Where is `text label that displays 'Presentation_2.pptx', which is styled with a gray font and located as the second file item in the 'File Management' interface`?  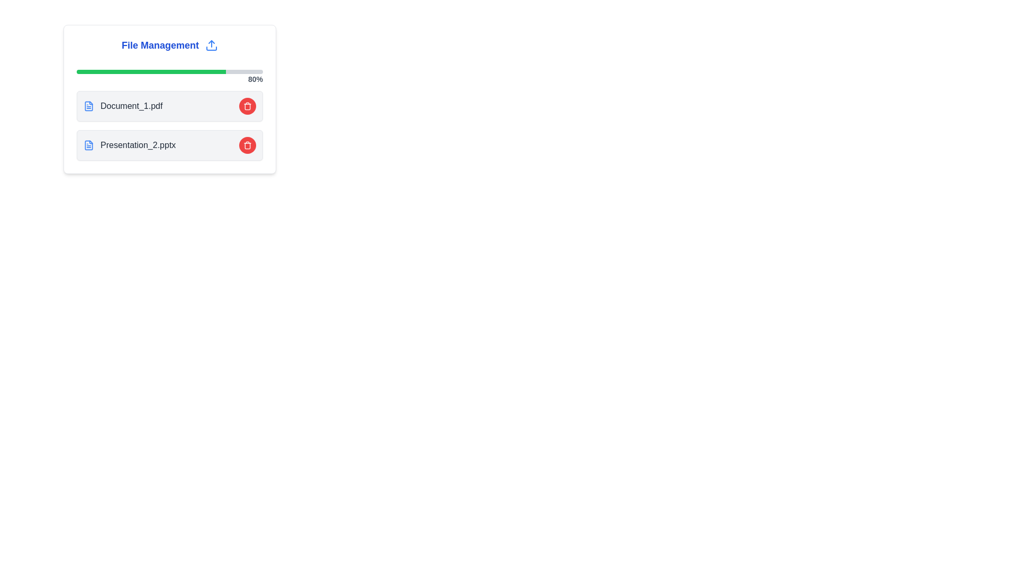
text label that displays 'Presentation_2.pptx', which is styled with a gray font and located as the second file item in the 'File Management' interface is located at coordinates (138, 145).